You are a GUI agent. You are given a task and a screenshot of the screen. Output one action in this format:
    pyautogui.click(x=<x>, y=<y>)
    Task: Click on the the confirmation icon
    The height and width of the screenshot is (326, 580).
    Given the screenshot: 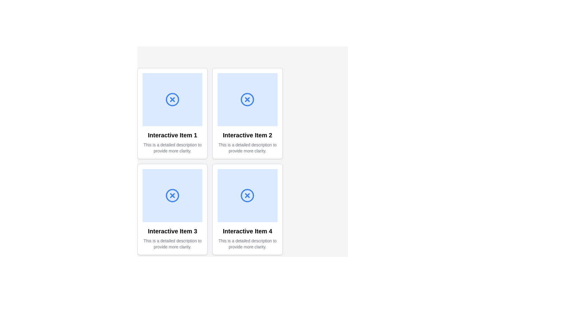 What is the action you would take?
    pyautogui.click(x=247, y=196)
    